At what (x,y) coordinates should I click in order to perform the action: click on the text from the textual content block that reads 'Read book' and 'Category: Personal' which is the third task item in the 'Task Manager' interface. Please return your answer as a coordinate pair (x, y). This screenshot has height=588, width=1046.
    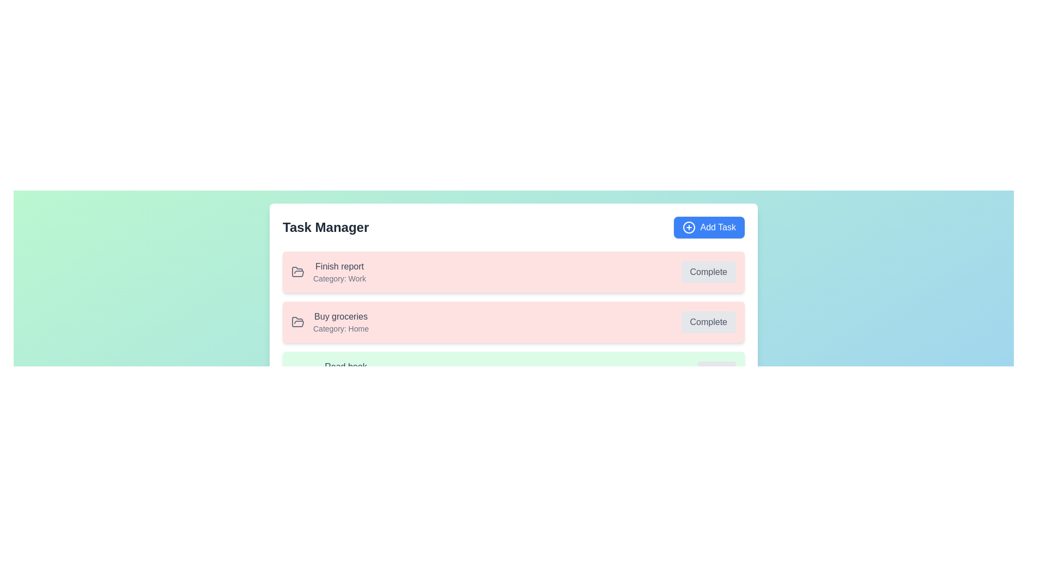
    Looking at the image, I should click on (345, 371).